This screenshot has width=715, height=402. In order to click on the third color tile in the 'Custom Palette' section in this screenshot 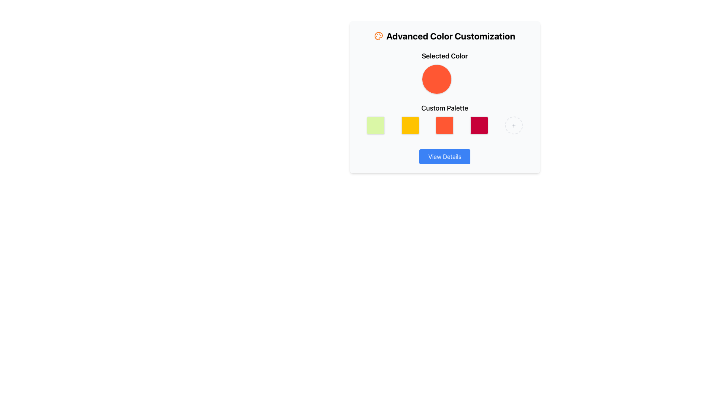, I will do `click(445, 118)`.